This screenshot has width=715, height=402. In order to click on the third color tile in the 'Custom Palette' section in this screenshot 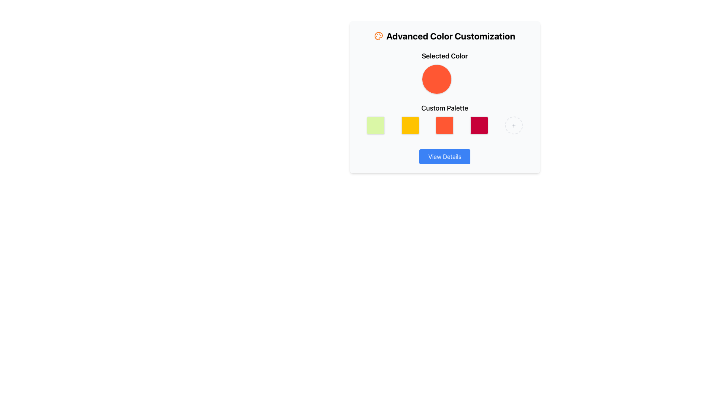, I will do `click(445, 118)`.